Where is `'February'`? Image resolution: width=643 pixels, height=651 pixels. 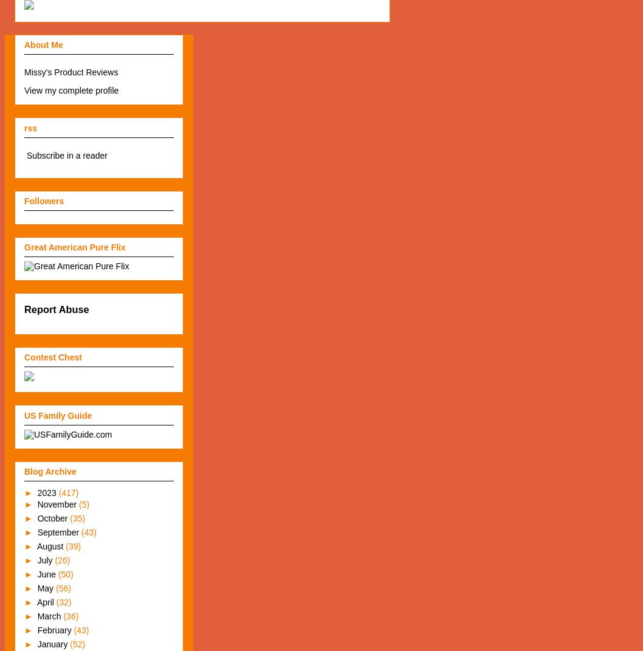
'February' is located at coordinates (54, 630).